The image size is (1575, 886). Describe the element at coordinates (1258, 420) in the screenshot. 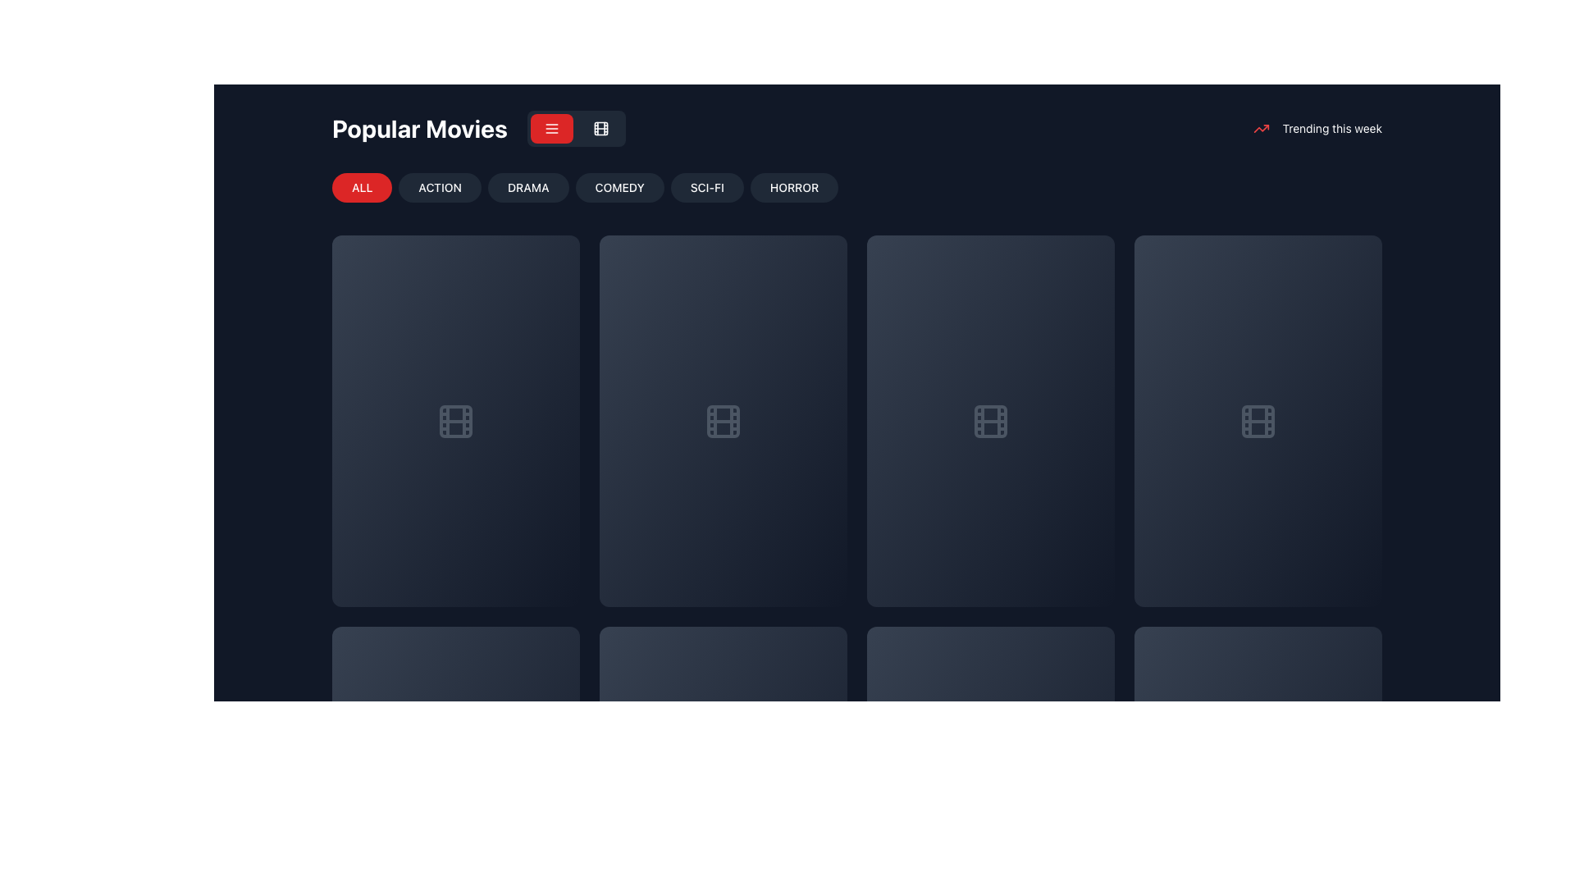

I see `the graphical representation of the film reel icon, which is a vector graphic component located in the third column of the grid` at that location.